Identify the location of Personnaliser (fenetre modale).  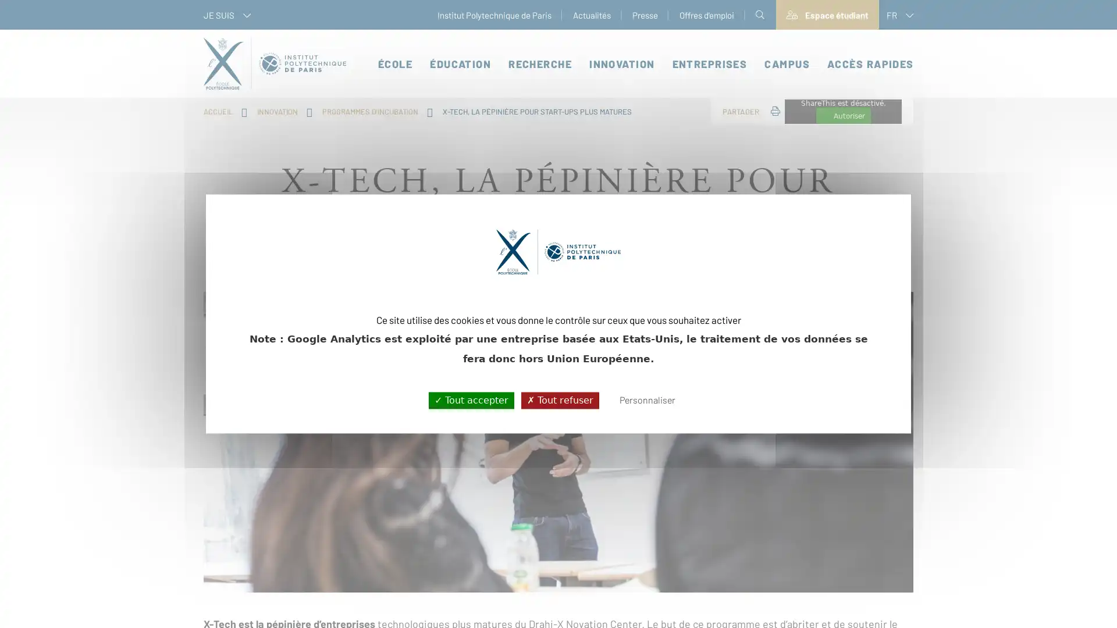
(646, 400).